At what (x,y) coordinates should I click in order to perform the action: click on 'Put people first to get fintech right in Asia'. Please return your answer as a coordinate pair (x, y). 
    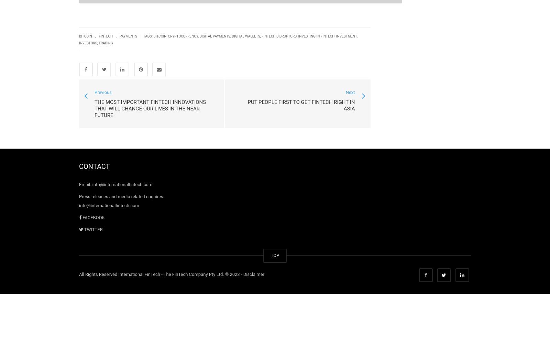
    Looking at the image, I should click on (247, 105).